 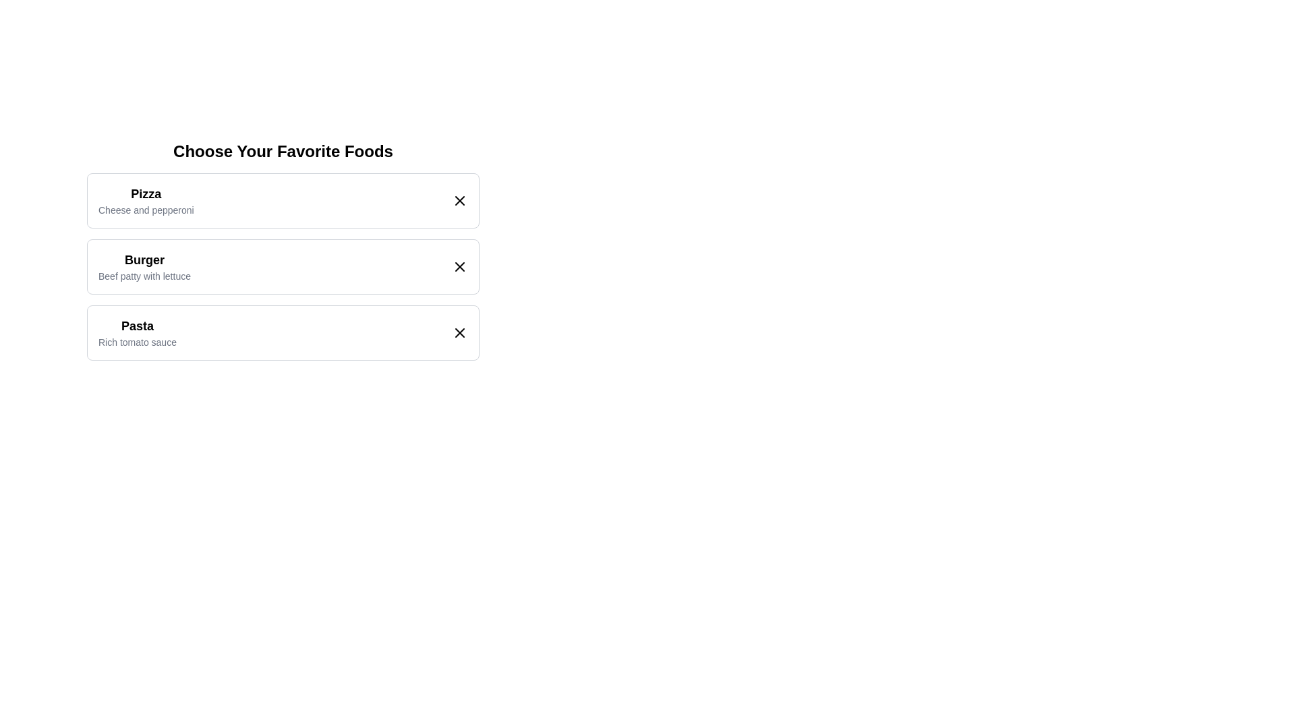 I want to click on the bold text label reading 'Pizza' located at the top left of the white rectangular card, so click(x=146, y=194).